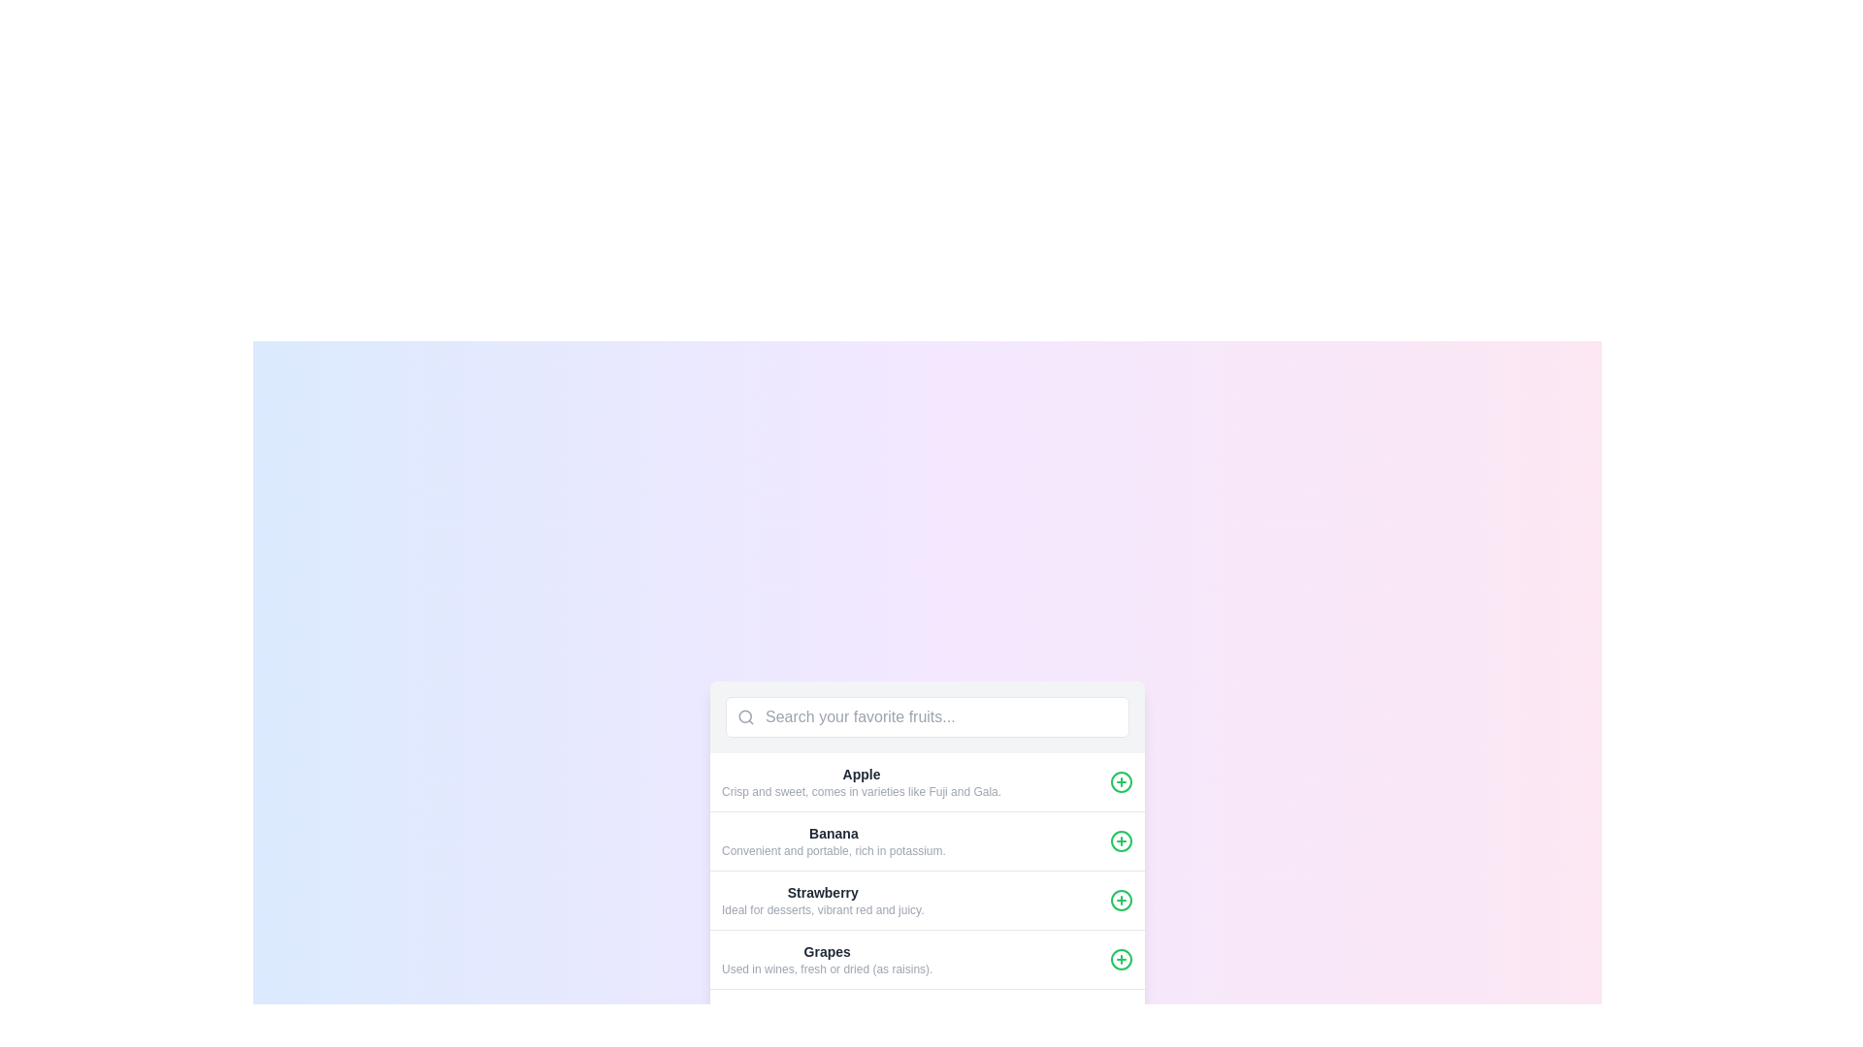  What do you see at coordinates (861, 792) in the screenshot?
I see `the label text that describes the varieties of apples, specifically the text 'Crisp and sweet, comes in varieties like Fuji and Gala.' which is located below the title 'Apple'` at bounding box center [861, 792].